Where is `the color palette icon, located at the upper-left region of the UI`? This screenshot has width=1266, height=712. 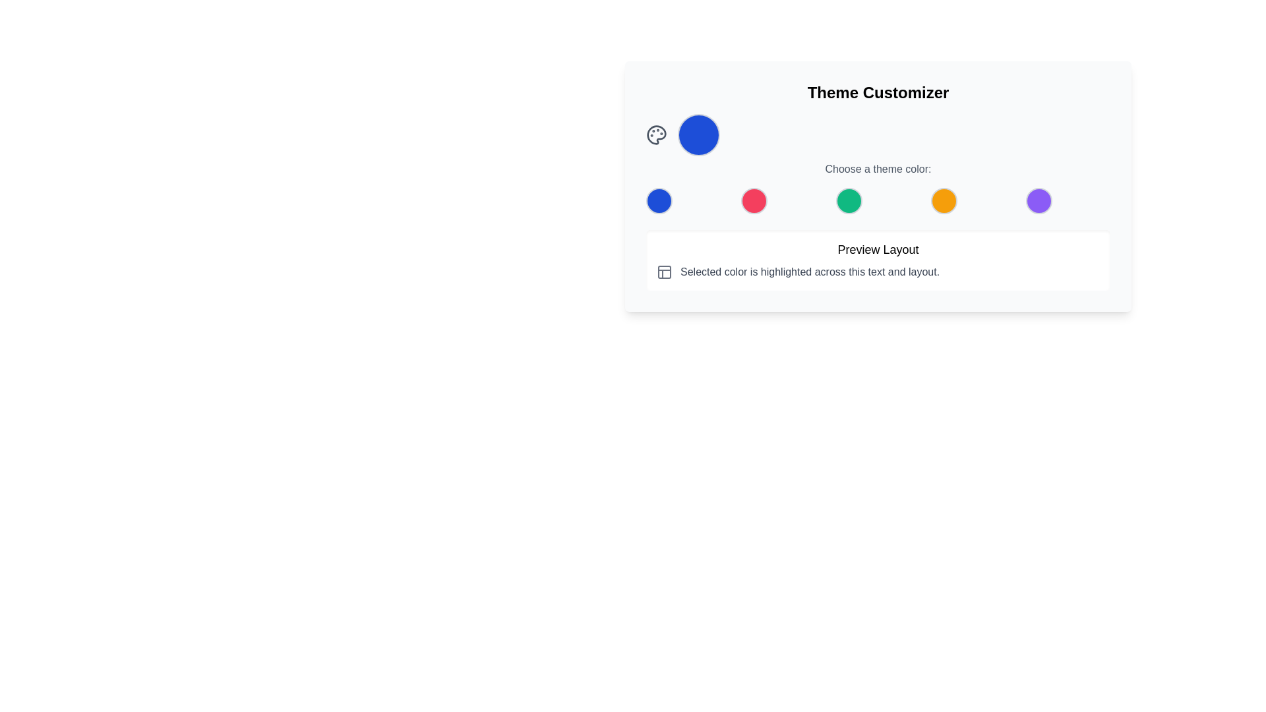
the color palette icon, located at the upper-left region of the UI is located at coordinates (657, 134).